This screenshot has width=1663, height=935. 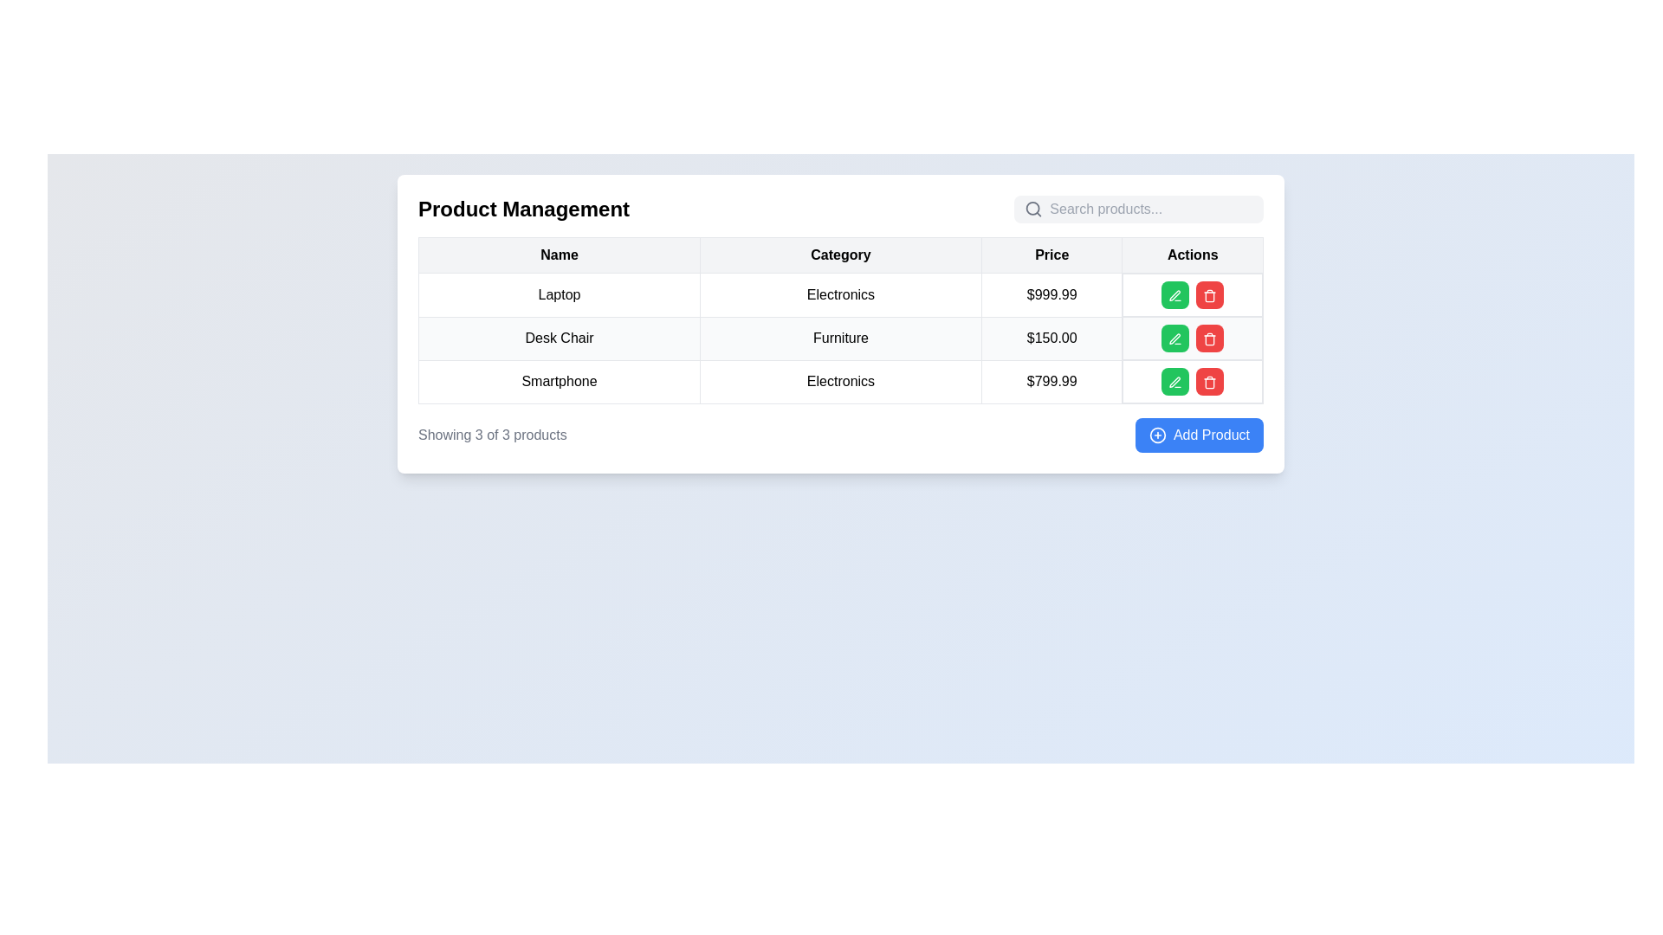 What do you see at coordinates (1175, 339) in the screenshot?
I see `the green pencil icon for editing actions in the 'Actions' column of the product management table` at bounding box center [1175, 339].